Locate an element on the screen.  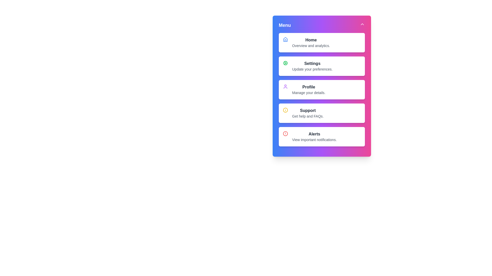
the menu option Profile is located at coordinates (307, 89).